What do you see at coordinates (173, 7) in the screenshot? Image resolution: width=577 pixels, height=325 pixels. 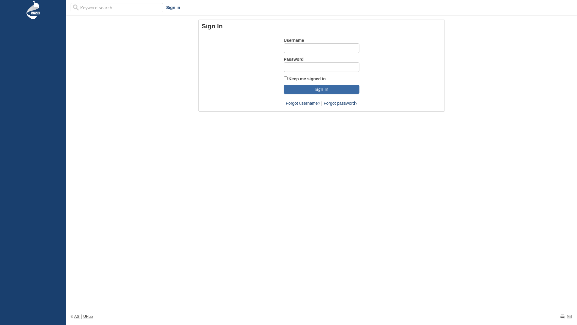 I see `'Sign in'` at bounding box center [173, 7].